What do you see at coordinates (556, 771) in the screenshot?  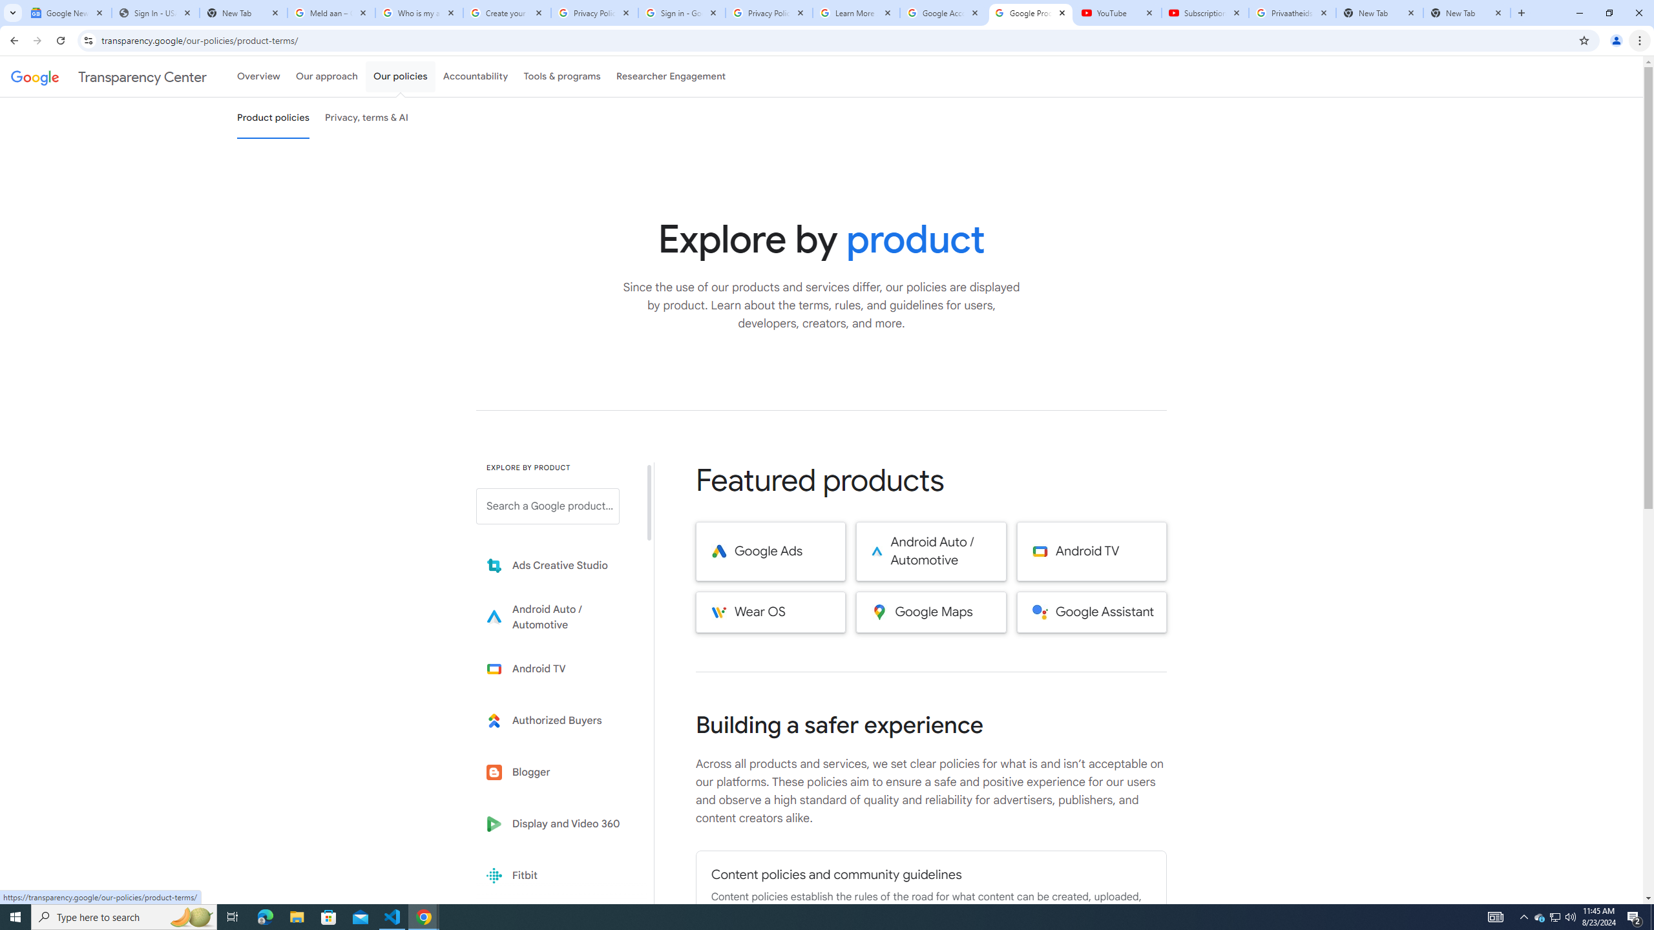 I see `'Blogger'` at bounding box center [556, 771].